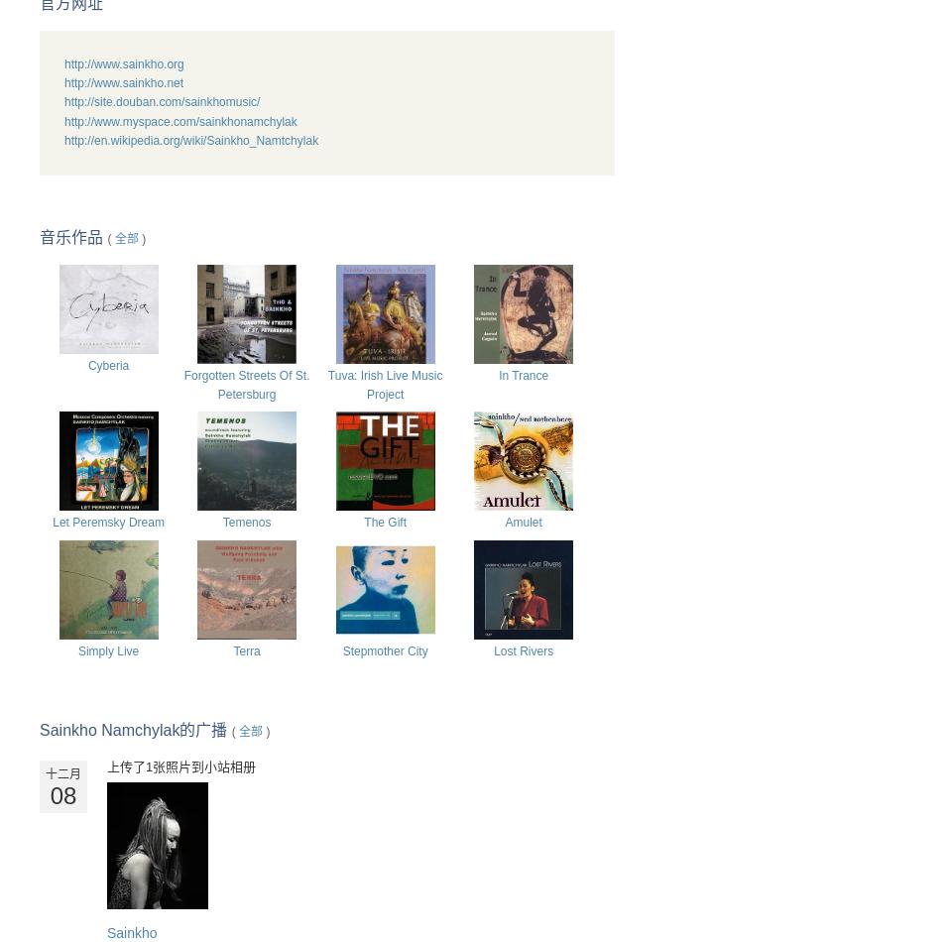  I want to click on 'The Gift', so click(384, 522).